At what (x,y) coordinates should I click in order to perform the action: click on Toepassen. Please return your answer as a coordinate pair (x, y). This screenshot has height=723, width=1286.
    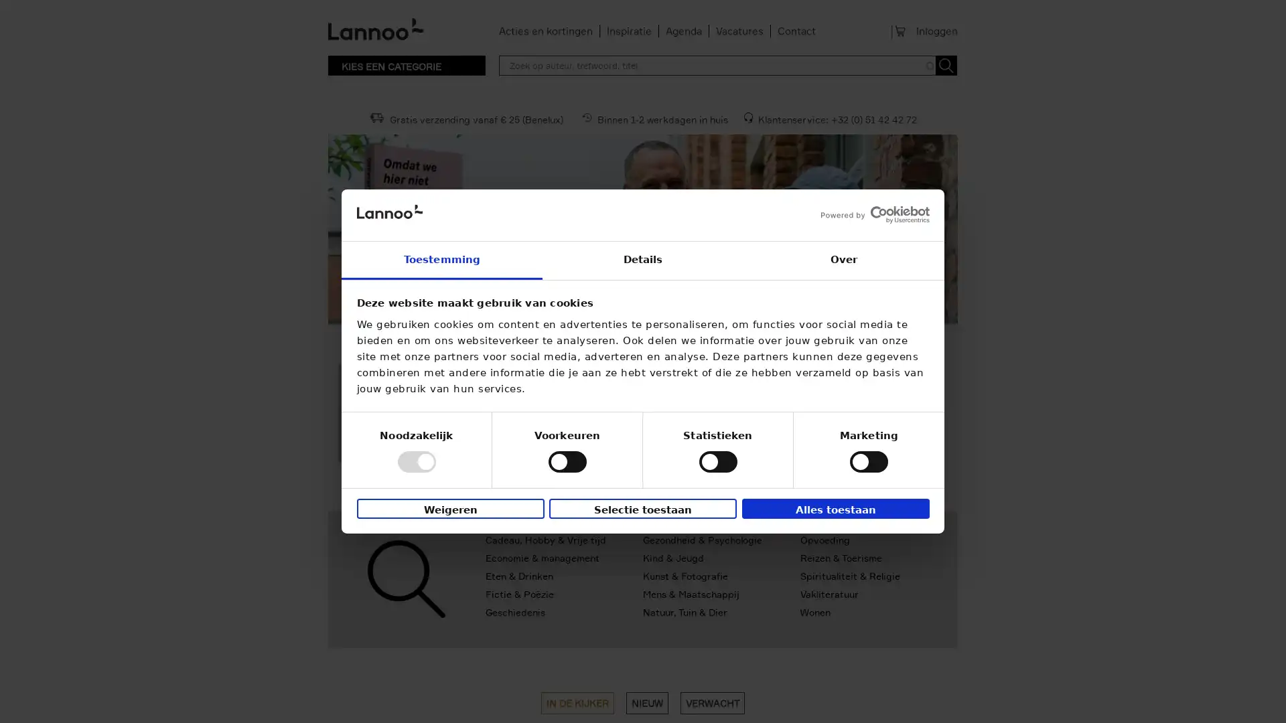
    Looking at the image, I should click on (942, 66).